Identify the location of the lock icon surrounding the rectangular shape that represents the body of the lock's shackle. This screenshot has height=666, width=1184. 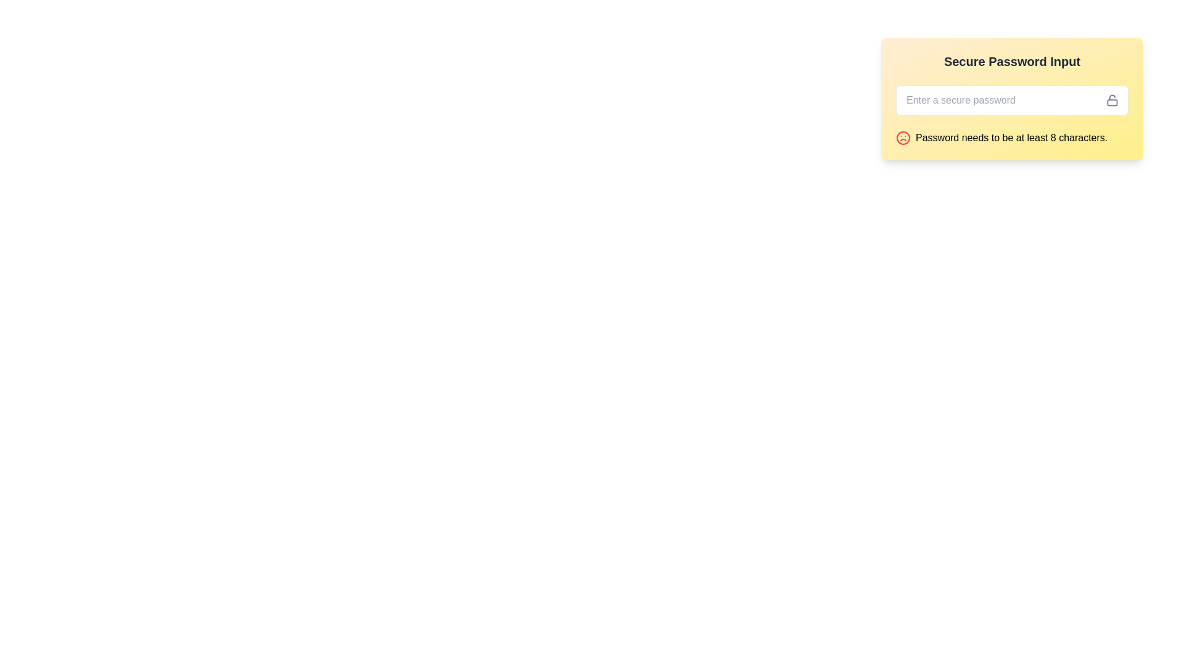
(1112, 101).